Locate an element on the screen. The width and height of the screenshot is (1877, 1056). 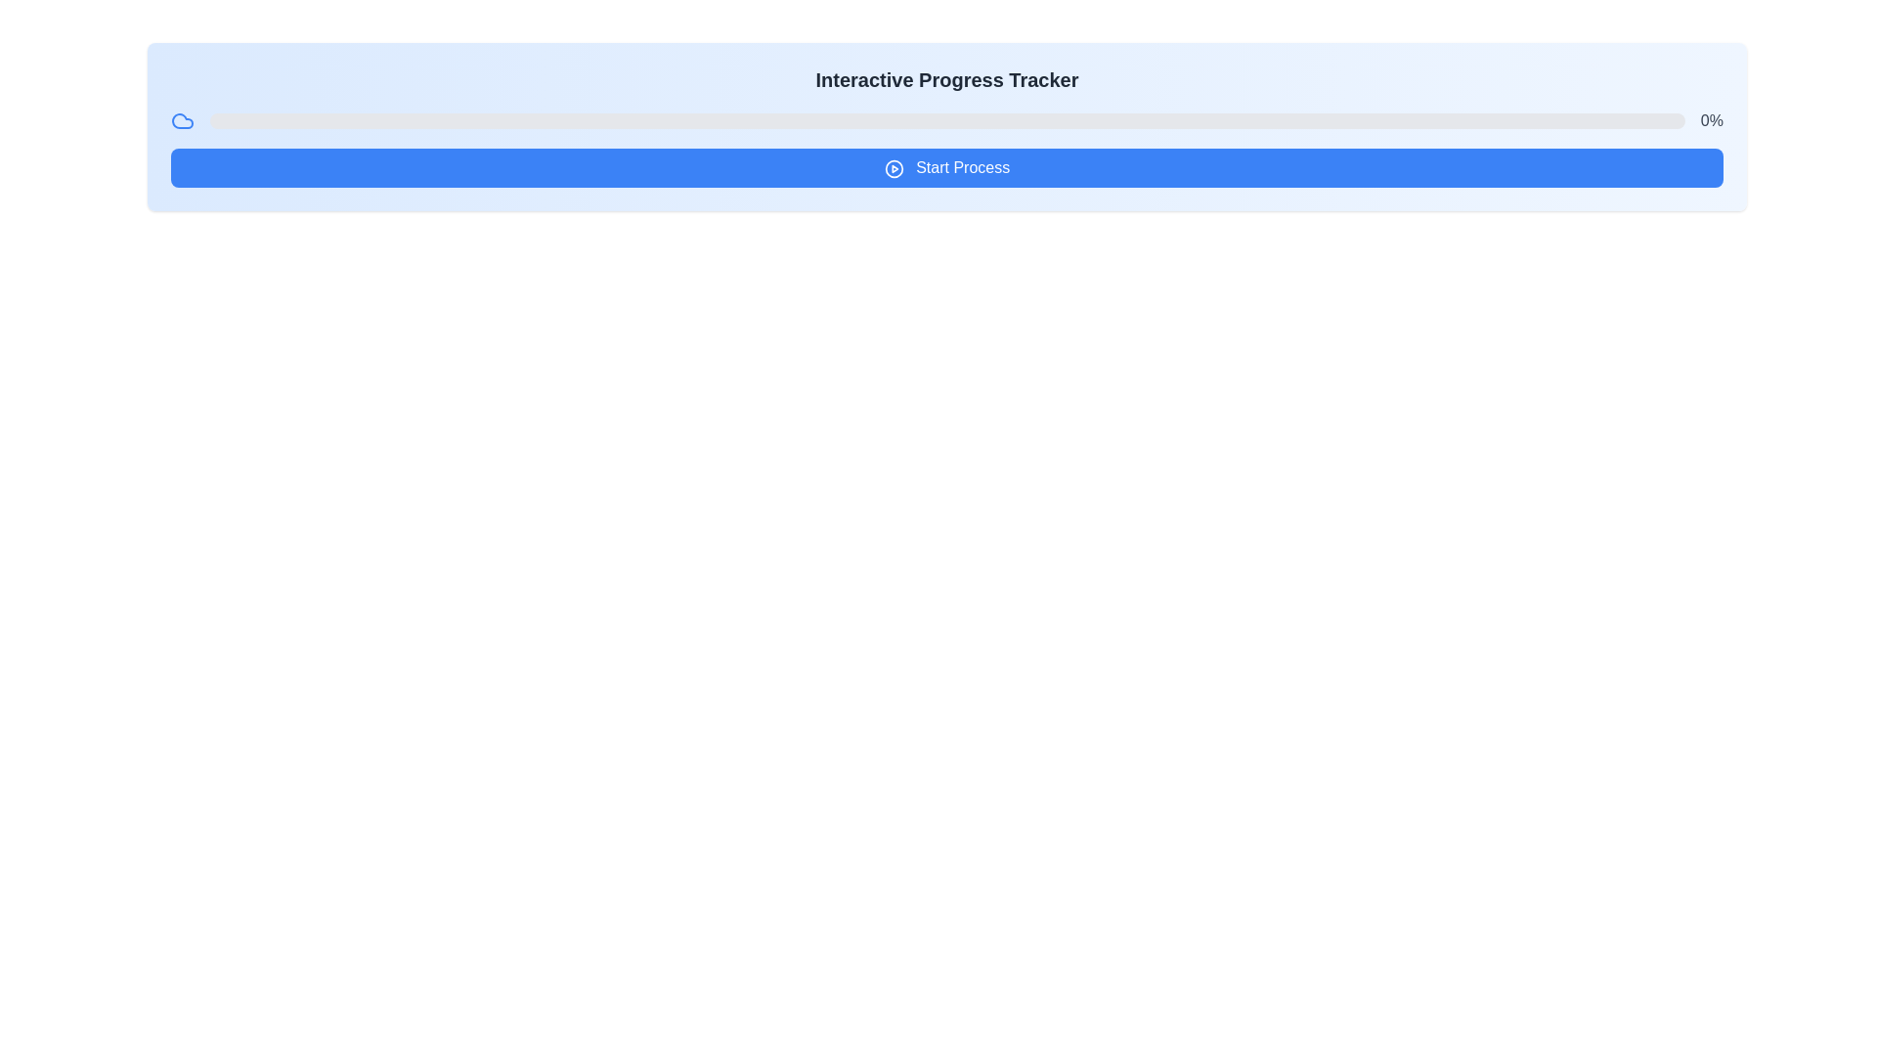
the call-to-action button located below the progress bar and label '0%' to observe hover effects is located at coordinates (947, 167).